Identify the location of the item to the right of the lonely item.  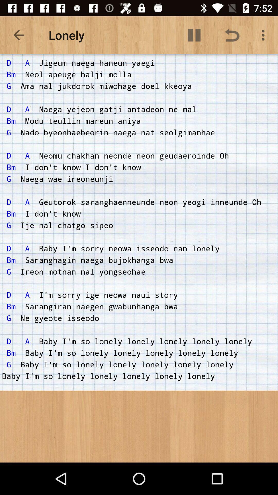
(194, 35).